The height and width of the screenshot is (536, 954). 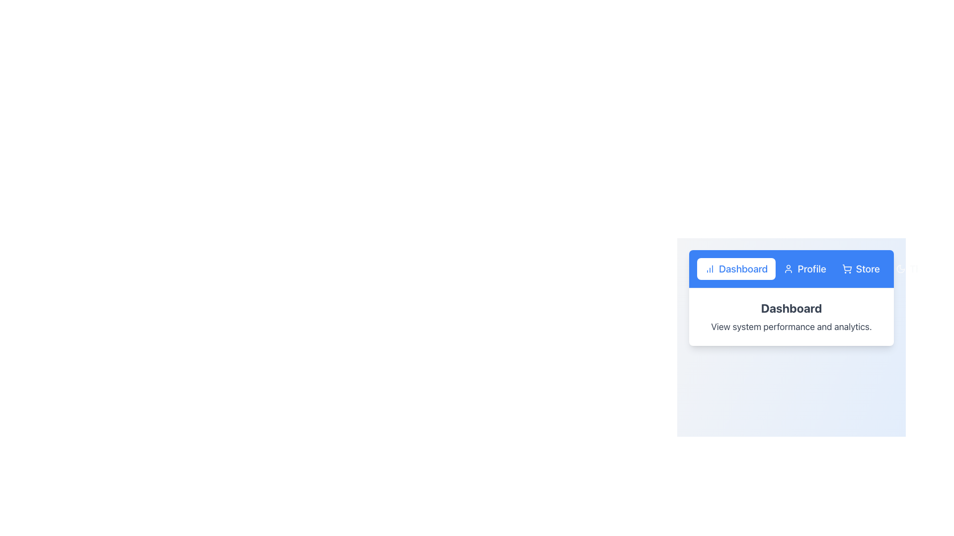 What do you see at coordinates (918, 269) in the screenshot?
I see `the 'Theme' button, which is the last item in the horizontal navigation bar, to change its style` at bounding box center [918, 269].